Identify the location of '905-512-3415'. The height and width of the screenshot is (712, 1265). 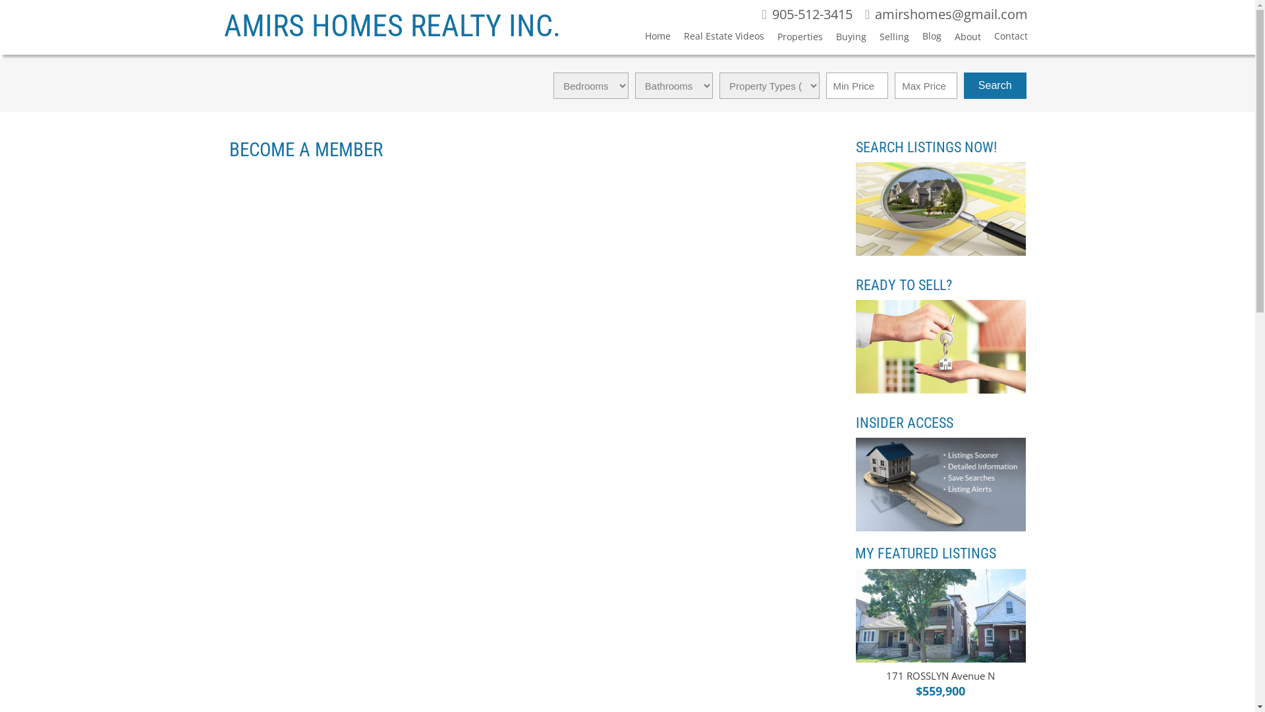
(806, 15).